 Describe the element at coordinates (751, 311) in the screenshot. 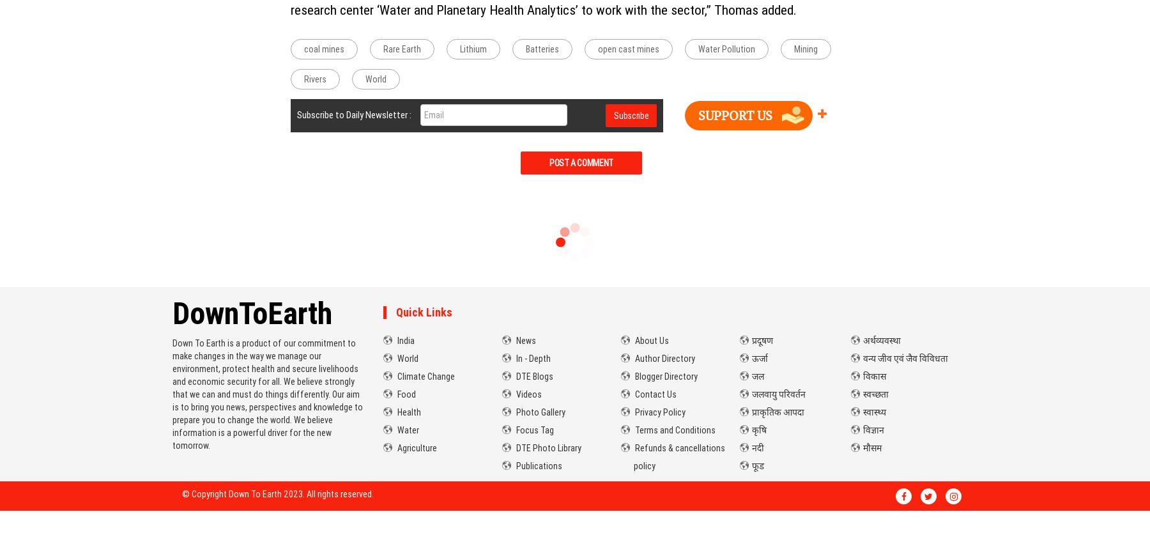

I see `'Hindi'` at that location.